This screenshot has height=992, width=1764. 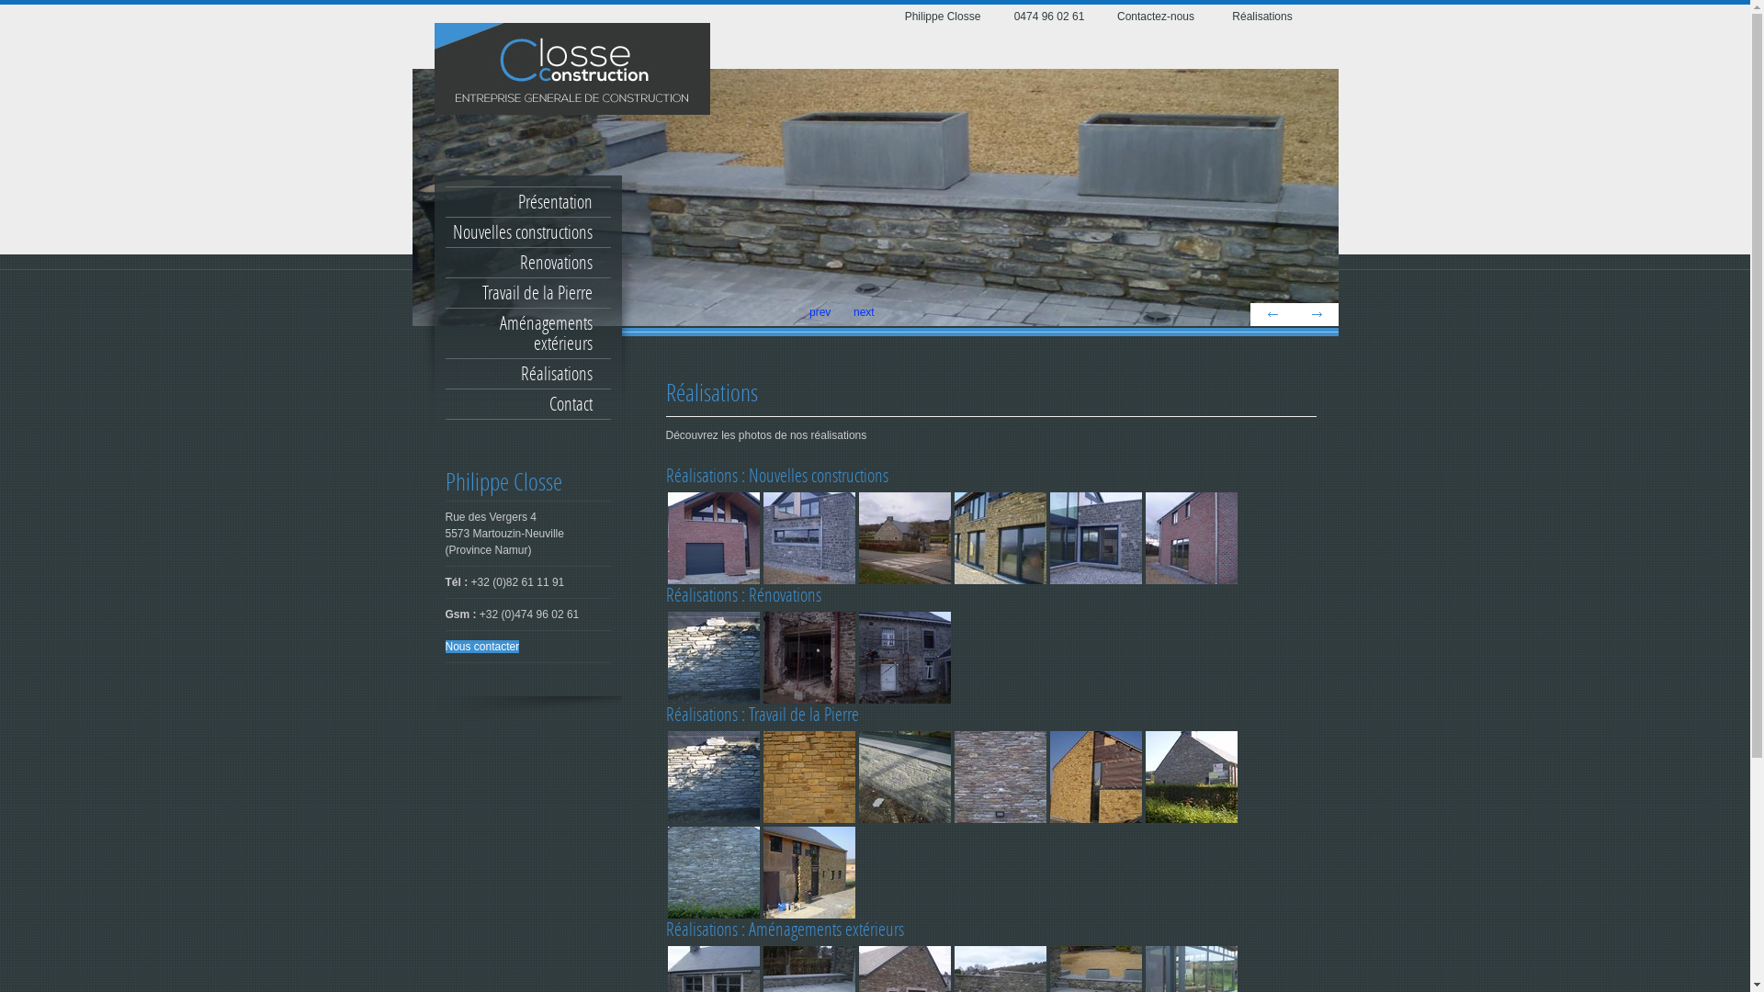 What do you see at coordinates (526, 262) in the screenshot?
I see `'Renovations'` at bounding box center [526, 262].